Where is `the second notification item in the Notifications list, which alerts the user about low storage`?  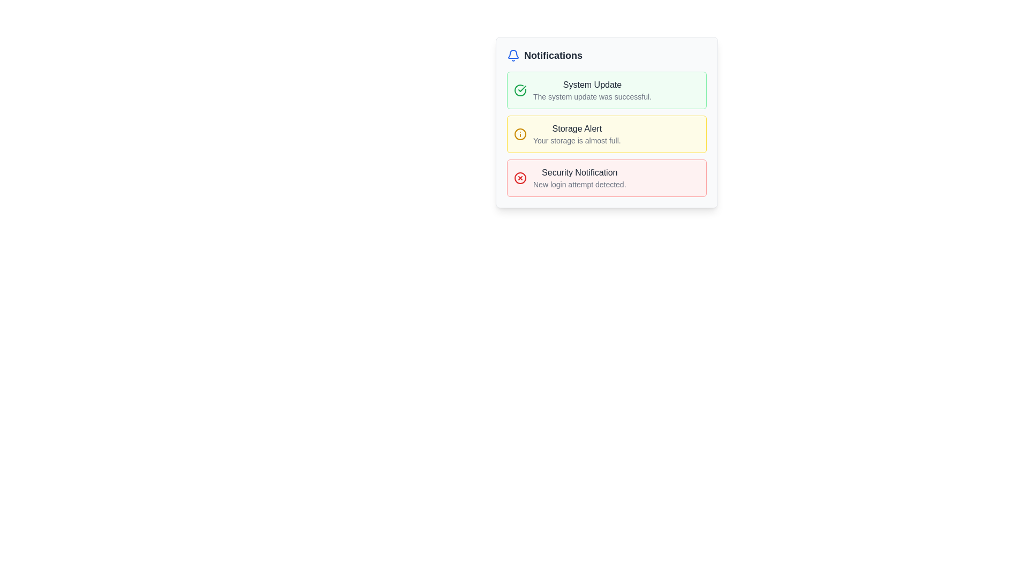
the second notification item in the Notifications list, which alerts the user about low storage is located at coordinates (607, 133).